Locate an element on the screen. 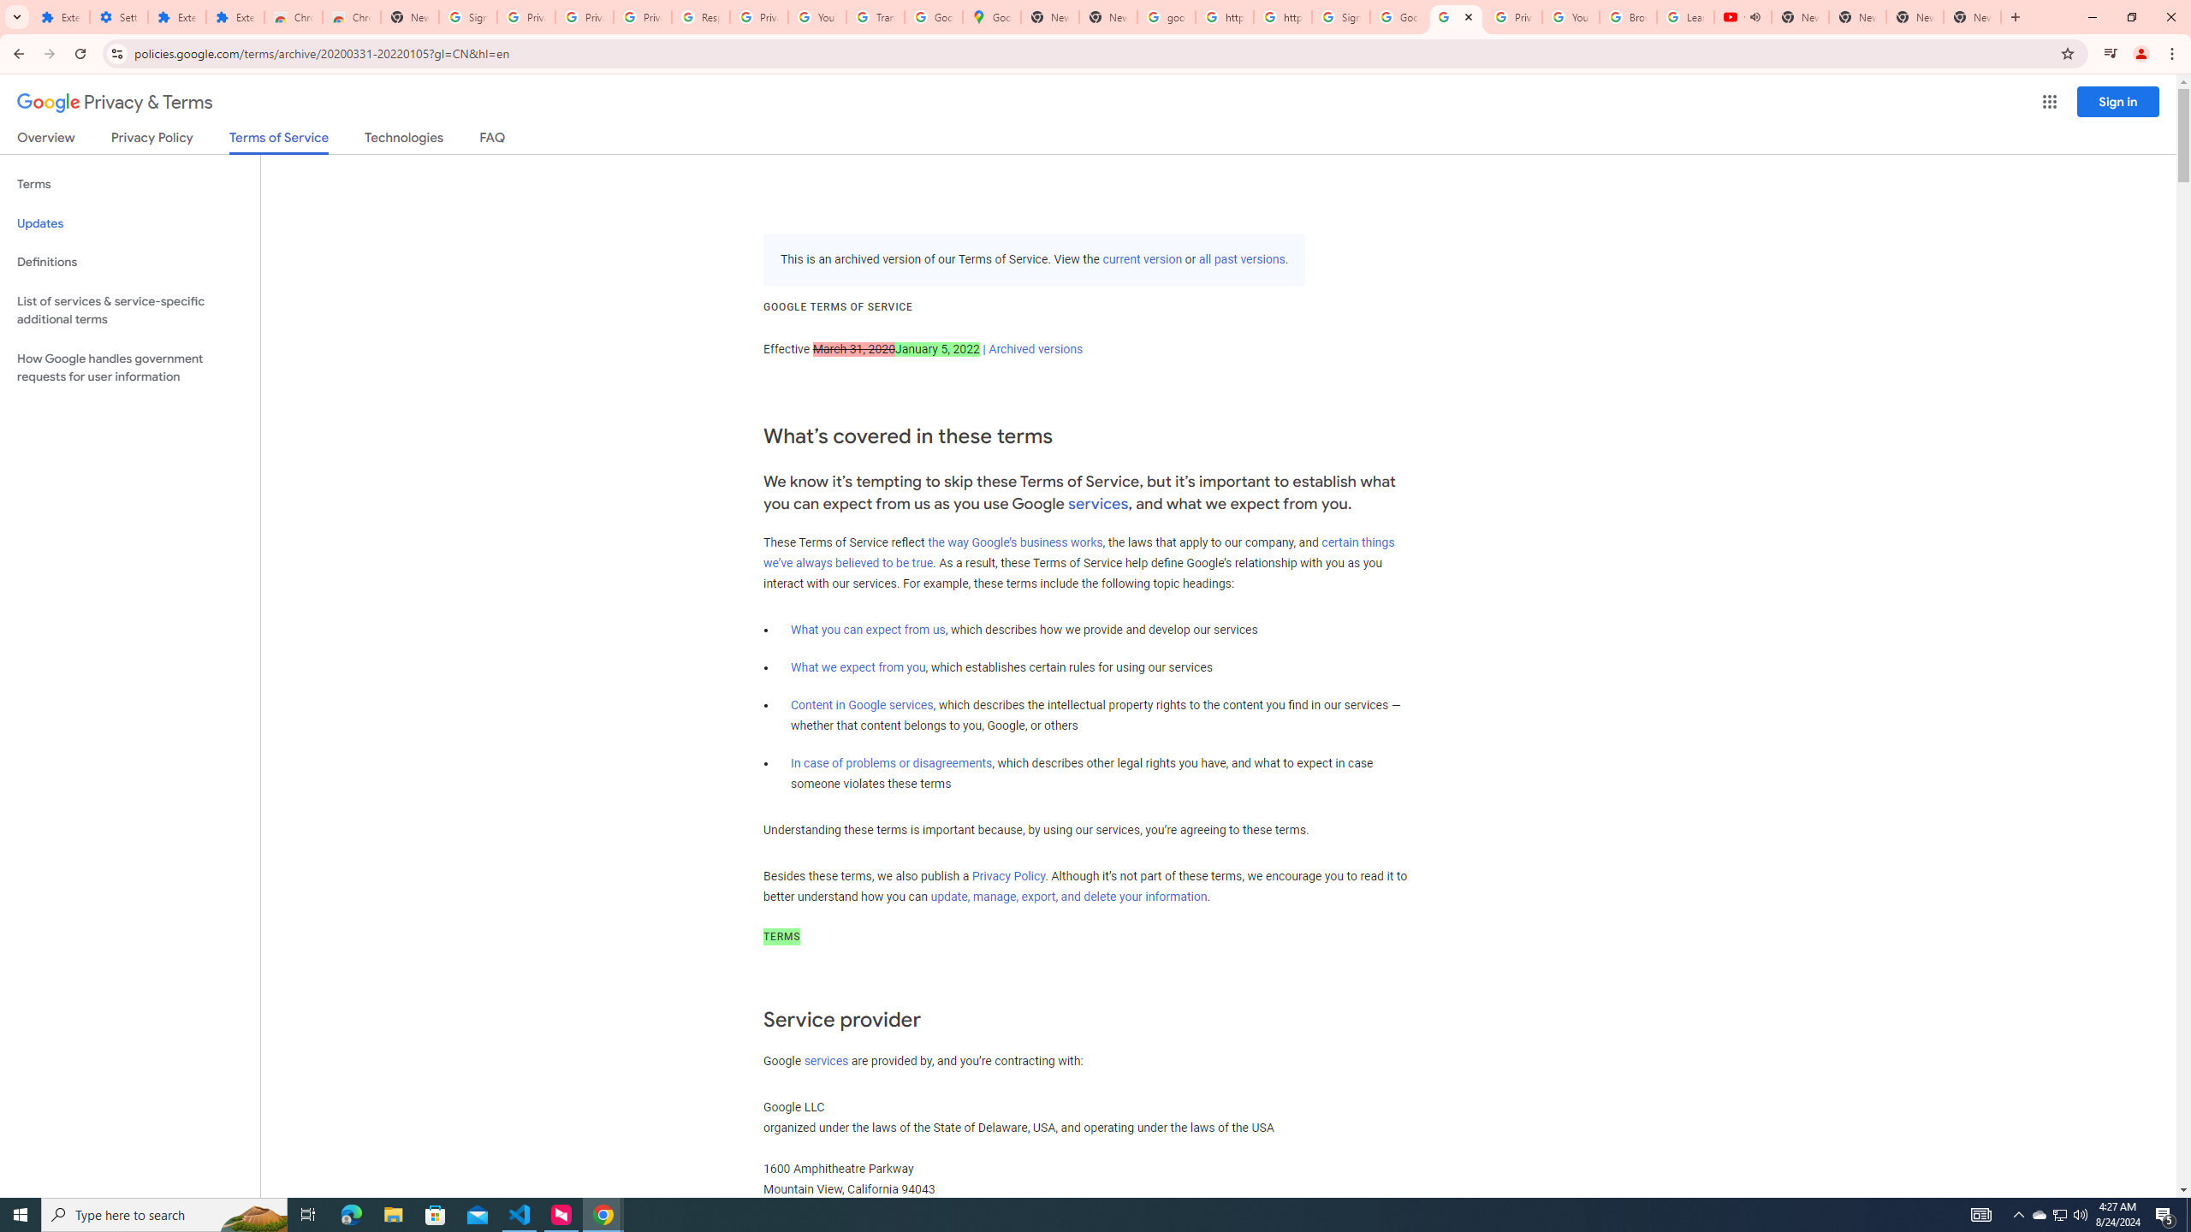 The height and width of the screenshot is (1232, 2191). 'How Google handles government requests for user information' is located at coordinates (129, 366).